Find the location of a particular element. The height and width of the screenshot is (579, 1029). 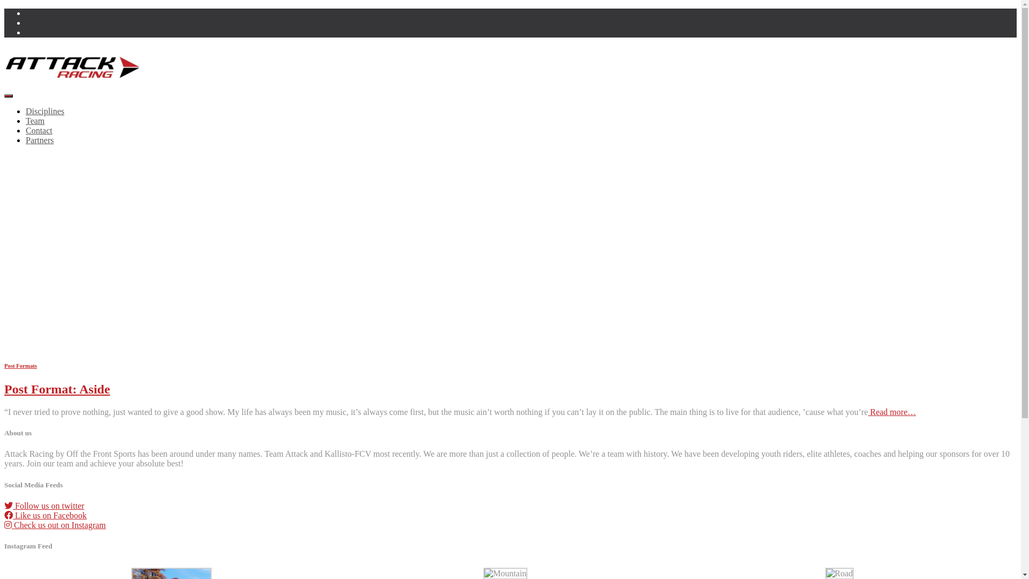

'Follow us on twitter' is located at coordinates (4, 506).